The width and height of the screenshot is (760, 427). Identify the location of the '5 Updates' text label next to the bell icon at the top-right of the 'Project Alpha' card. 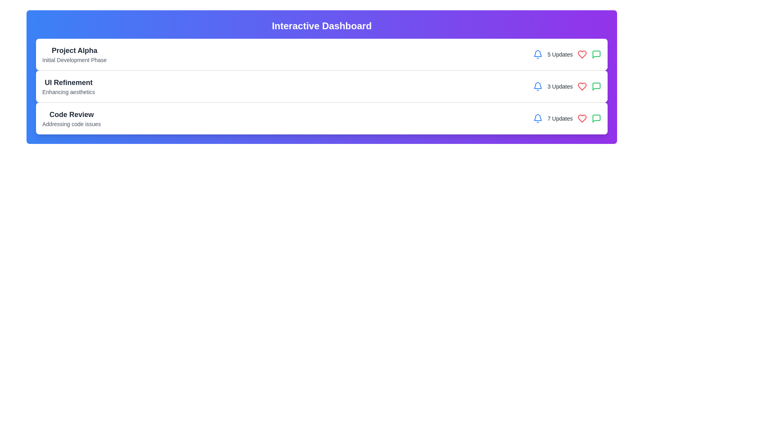
(567, 54).